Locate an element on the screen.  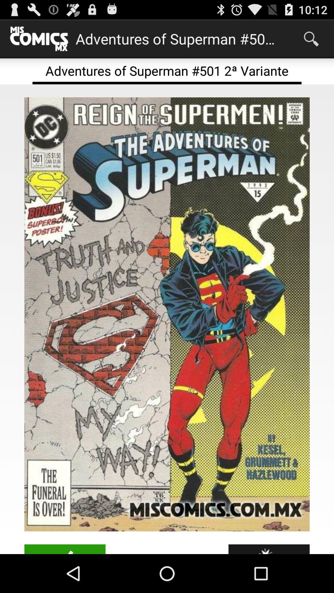
icon at the top right corner is located at coordinates (311, 38).